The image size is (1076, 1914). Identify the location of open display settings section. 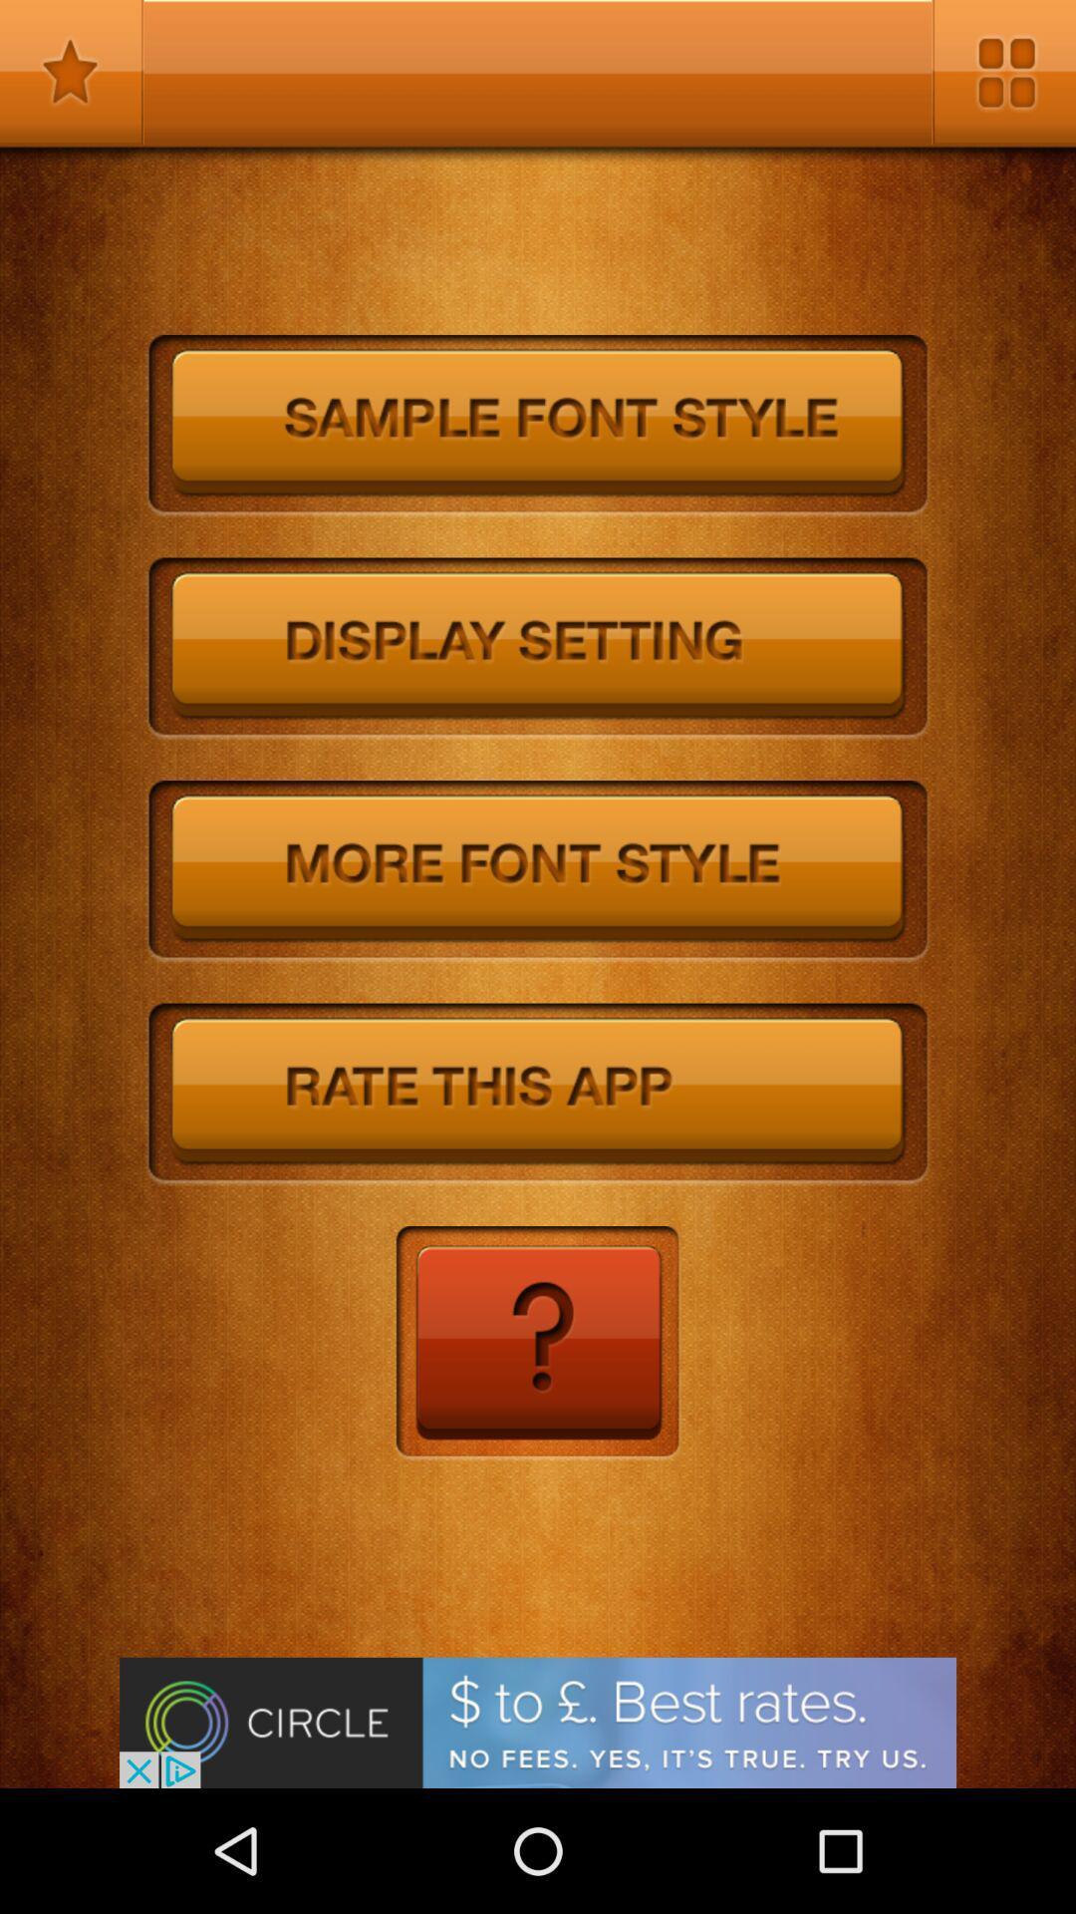
(538, 649).